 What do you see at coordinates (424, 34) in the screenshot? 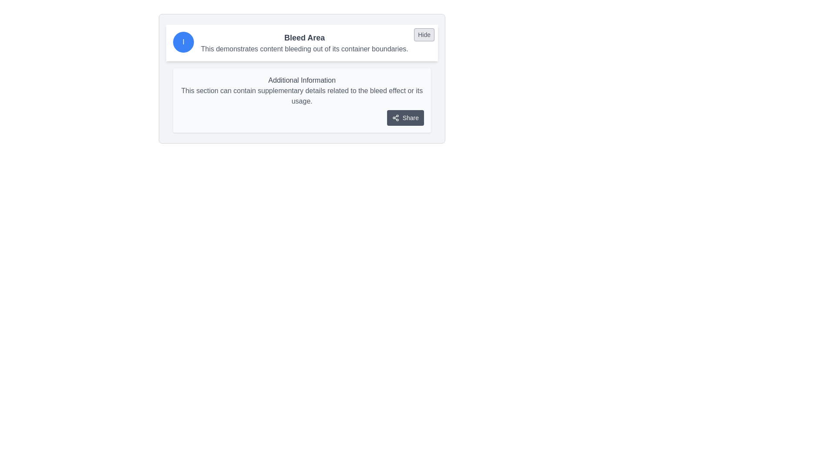
I see `the button in the top-right corner of the 'Bleed Area' card to hide its content` at bounding box center [424, 34].